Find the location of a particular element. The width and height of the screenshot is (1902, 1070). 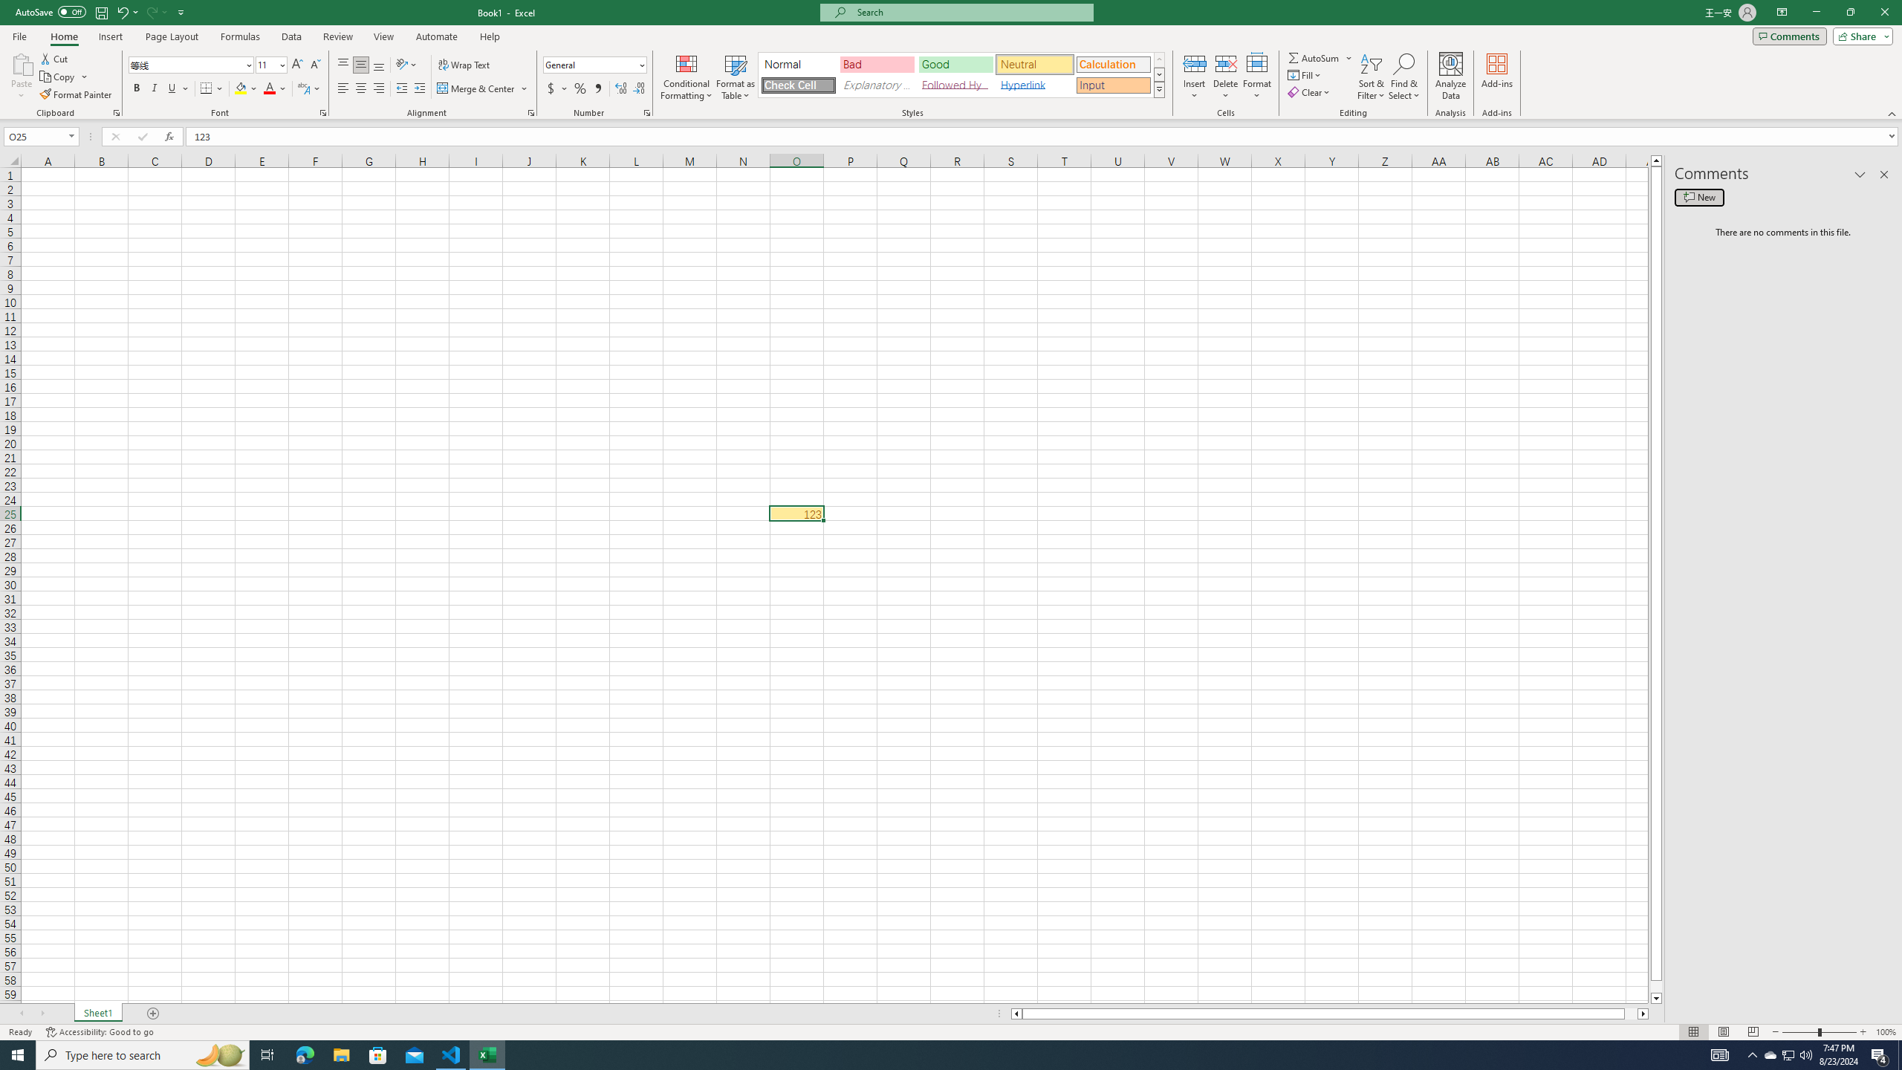

'Number Format' is located at coordinates (590, 65).